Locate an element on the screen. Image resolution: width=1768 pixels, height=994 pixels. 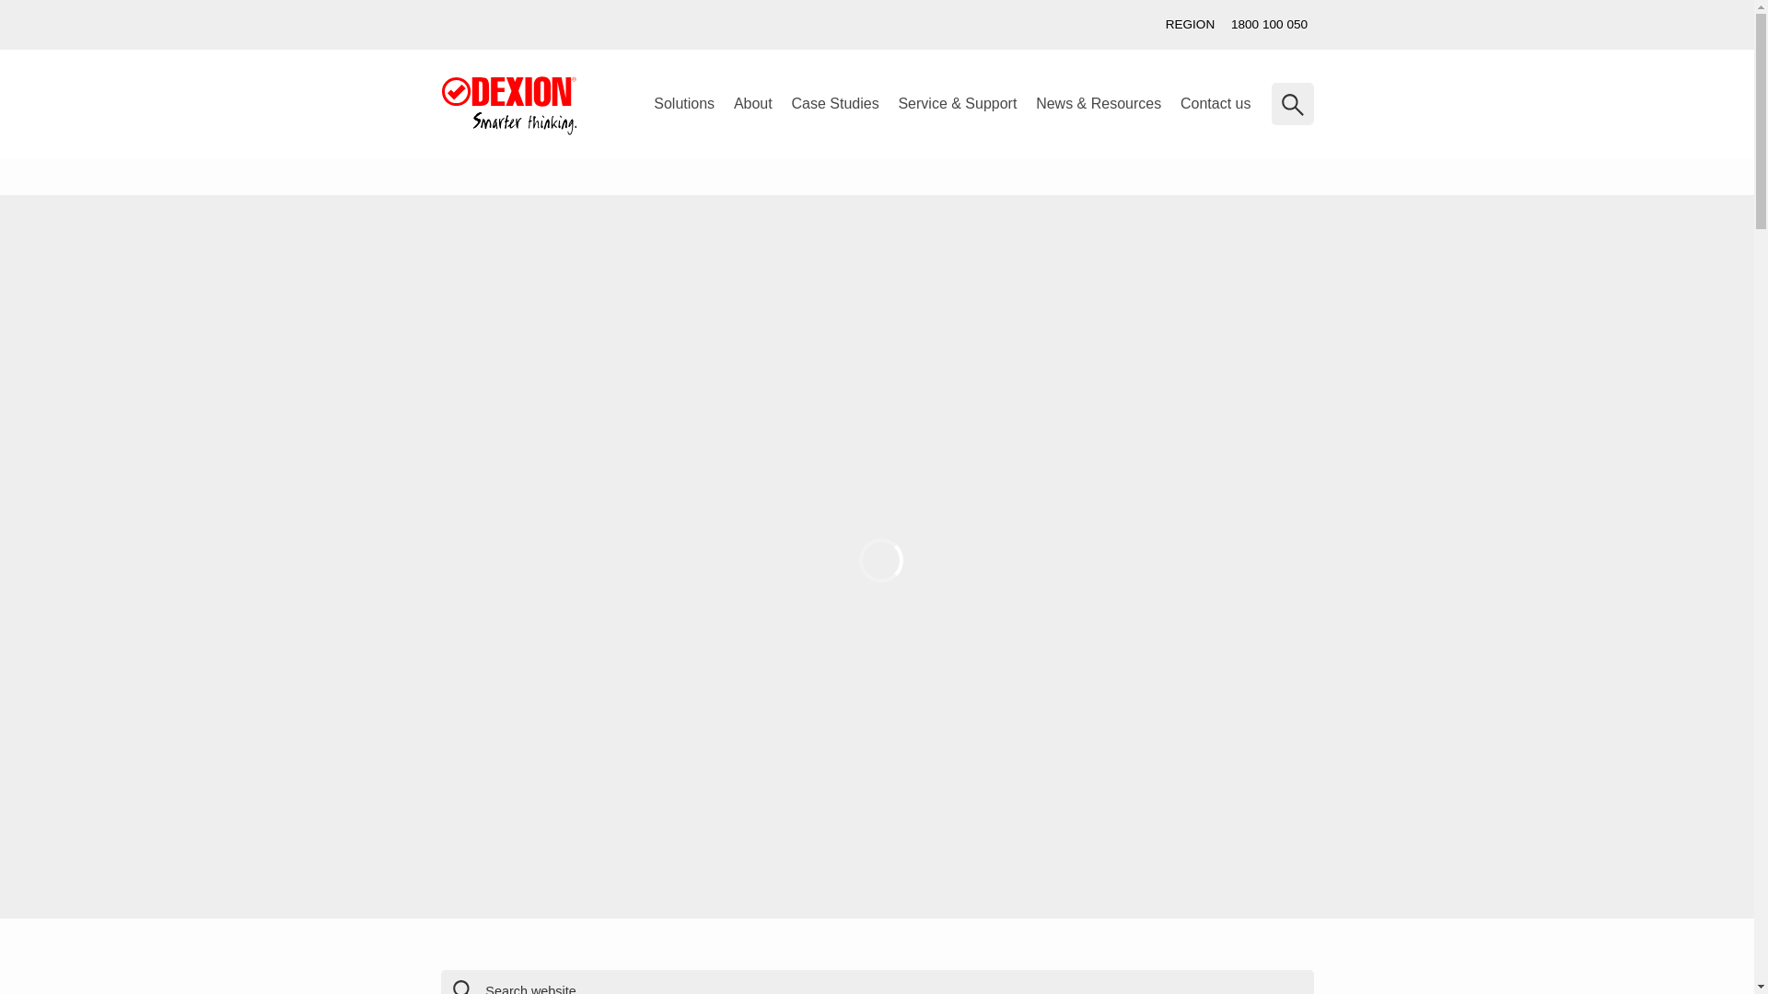
'About' is located at coordinates (752, 103).